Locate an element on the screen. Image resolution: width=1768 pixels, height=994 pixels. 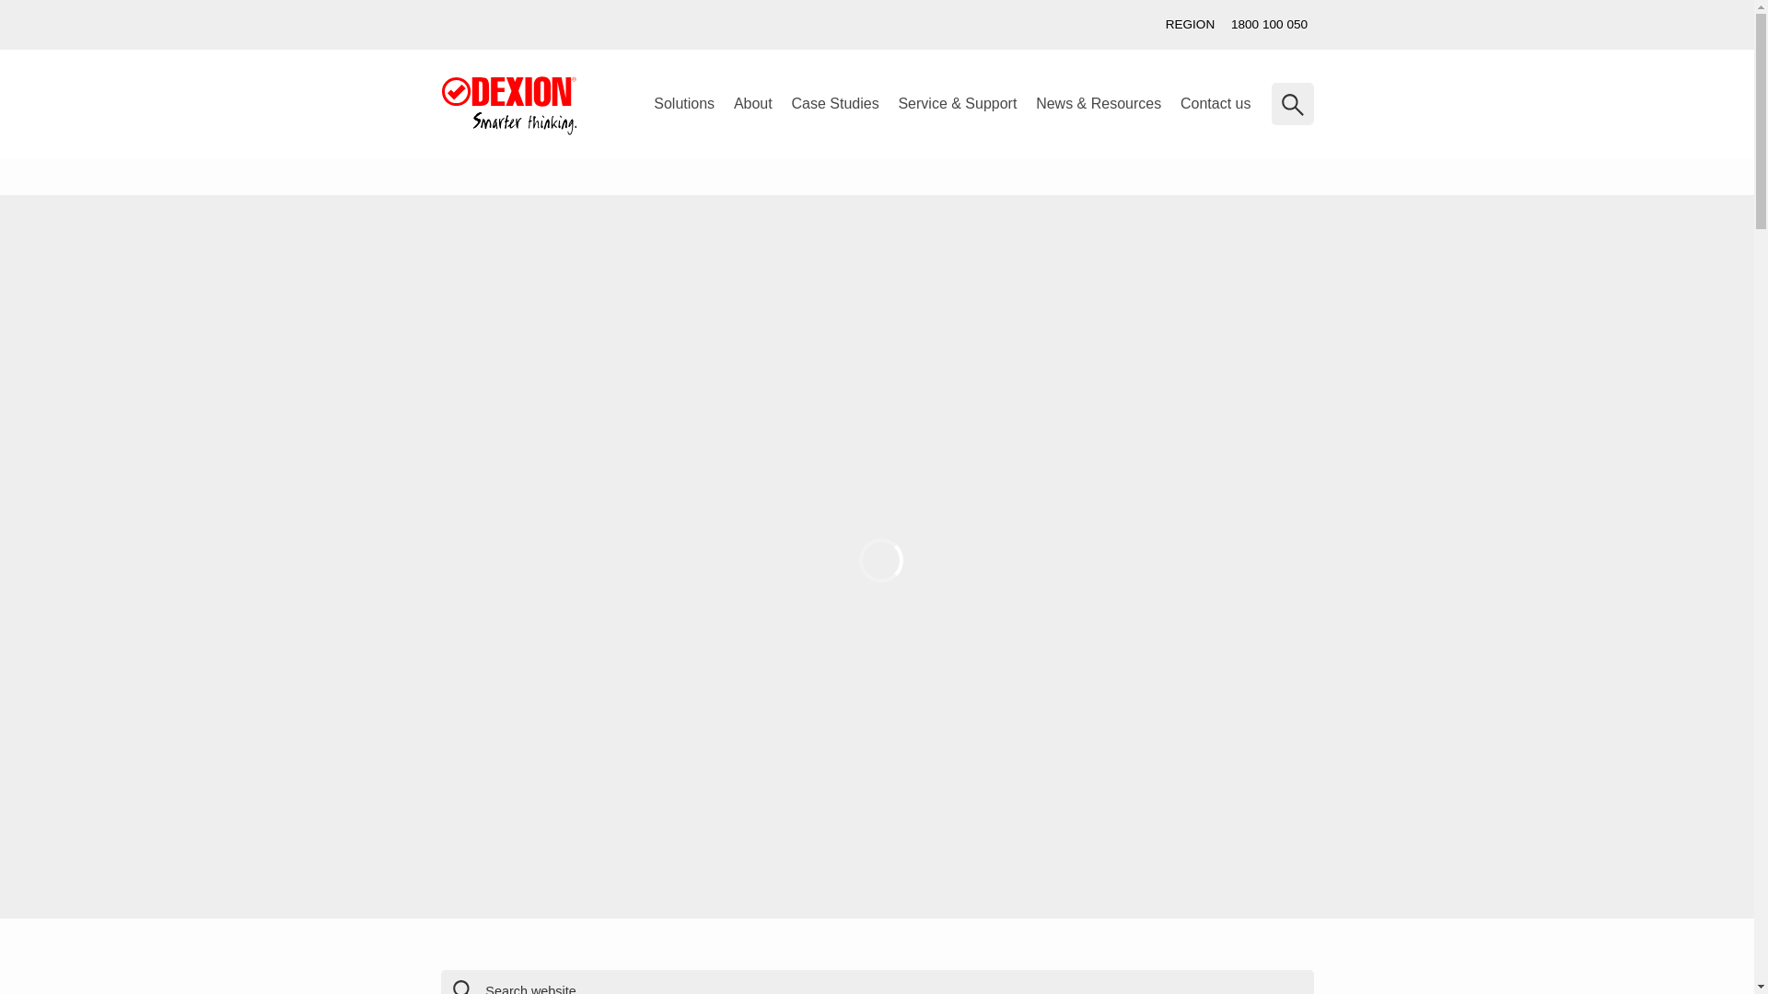
'About' is located at coordinates (752, 103).